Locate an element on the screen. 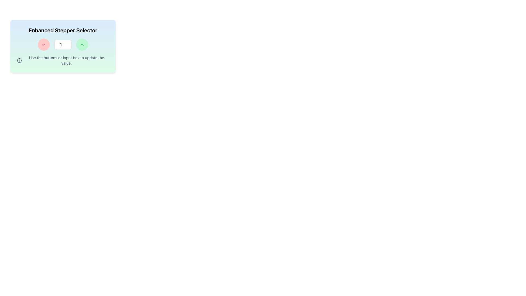 The image size is (526, 296). the numeric text input field to focus on it, allowing the user to input a number. This field is located horizontally centered within a stepper UI, between a red circular button and a green circular button is located at coordinates (63, 44).